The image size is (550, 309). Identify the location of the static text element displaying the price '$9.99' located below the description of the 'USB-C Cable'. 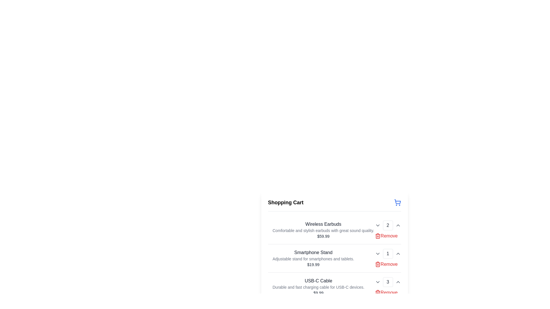
(318, 293).